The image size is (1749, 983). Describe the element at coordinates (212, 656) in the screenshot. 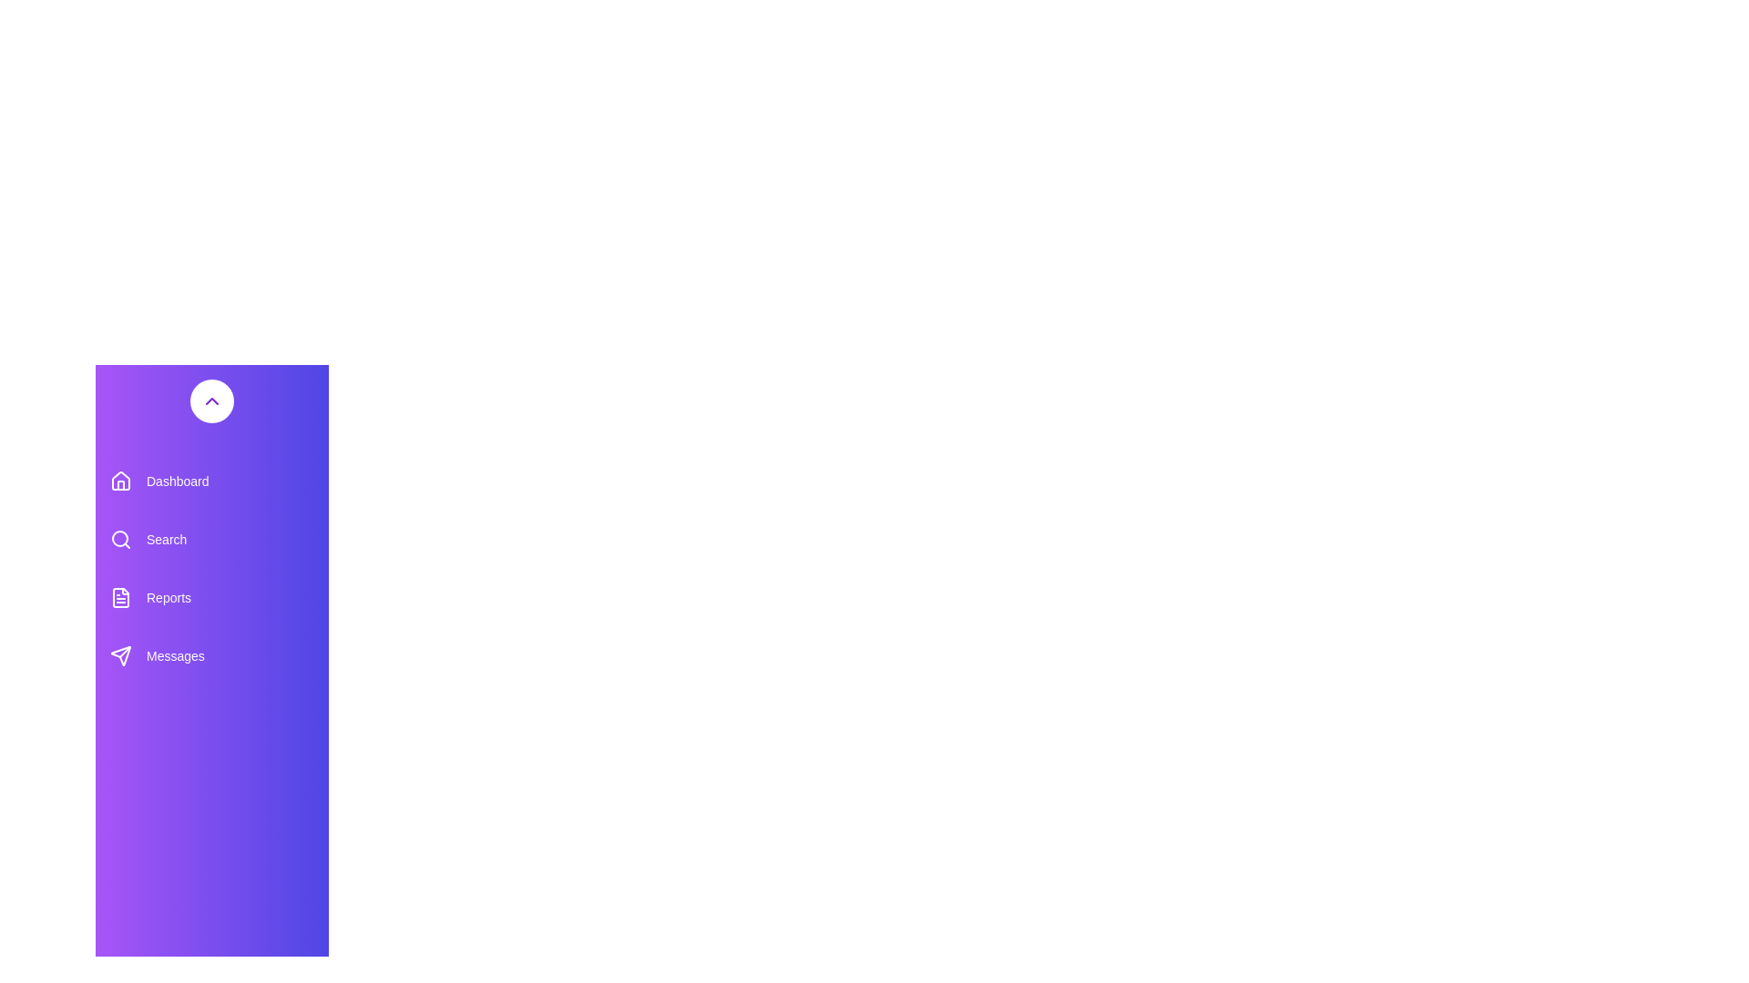

I see `the 'Messages' button located in the vertical sidebar menu` at that location.